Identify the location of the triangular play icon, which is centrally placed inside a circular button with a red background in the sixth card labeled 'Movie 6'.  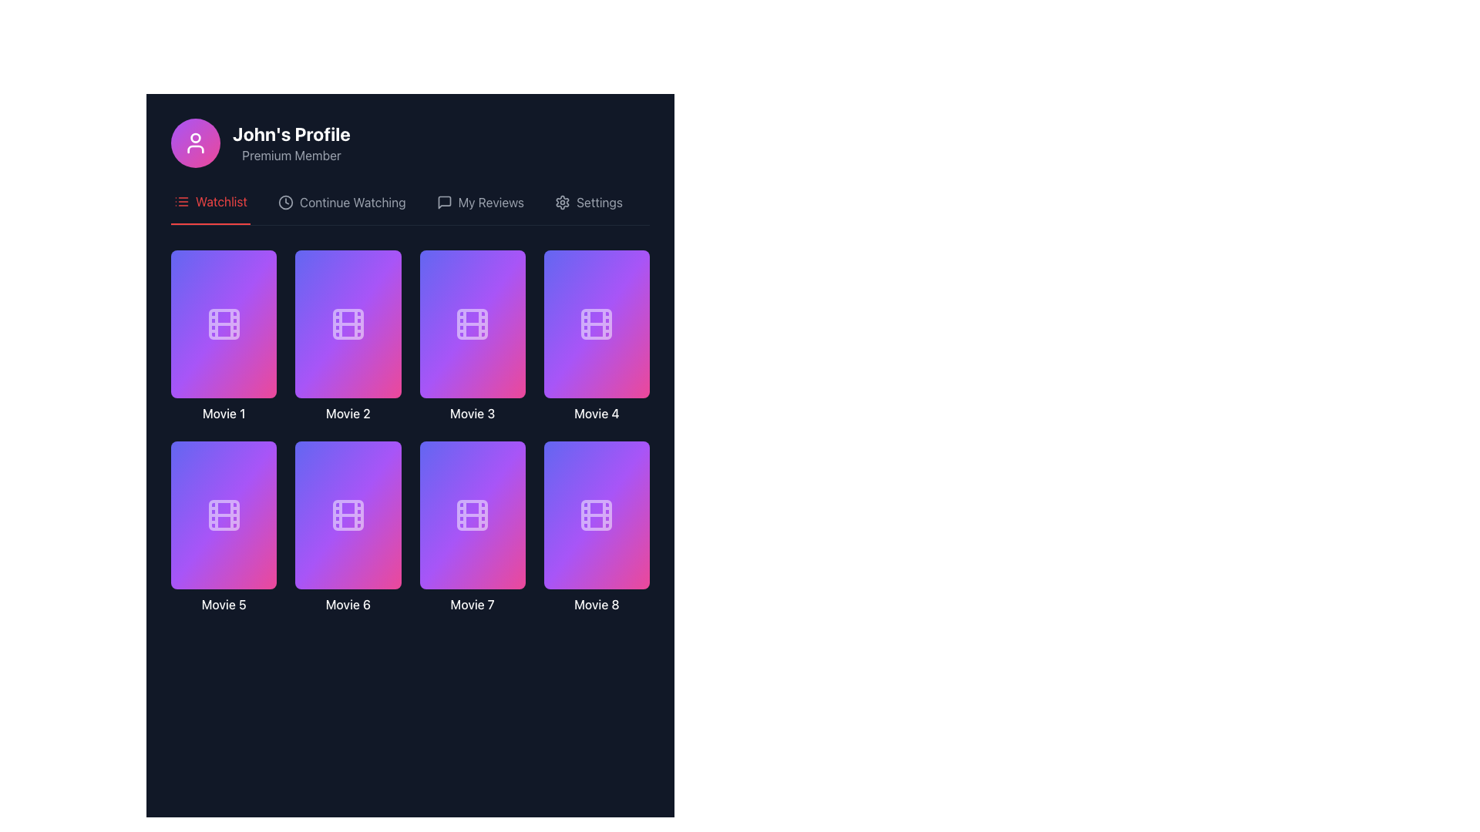
(347, 508).